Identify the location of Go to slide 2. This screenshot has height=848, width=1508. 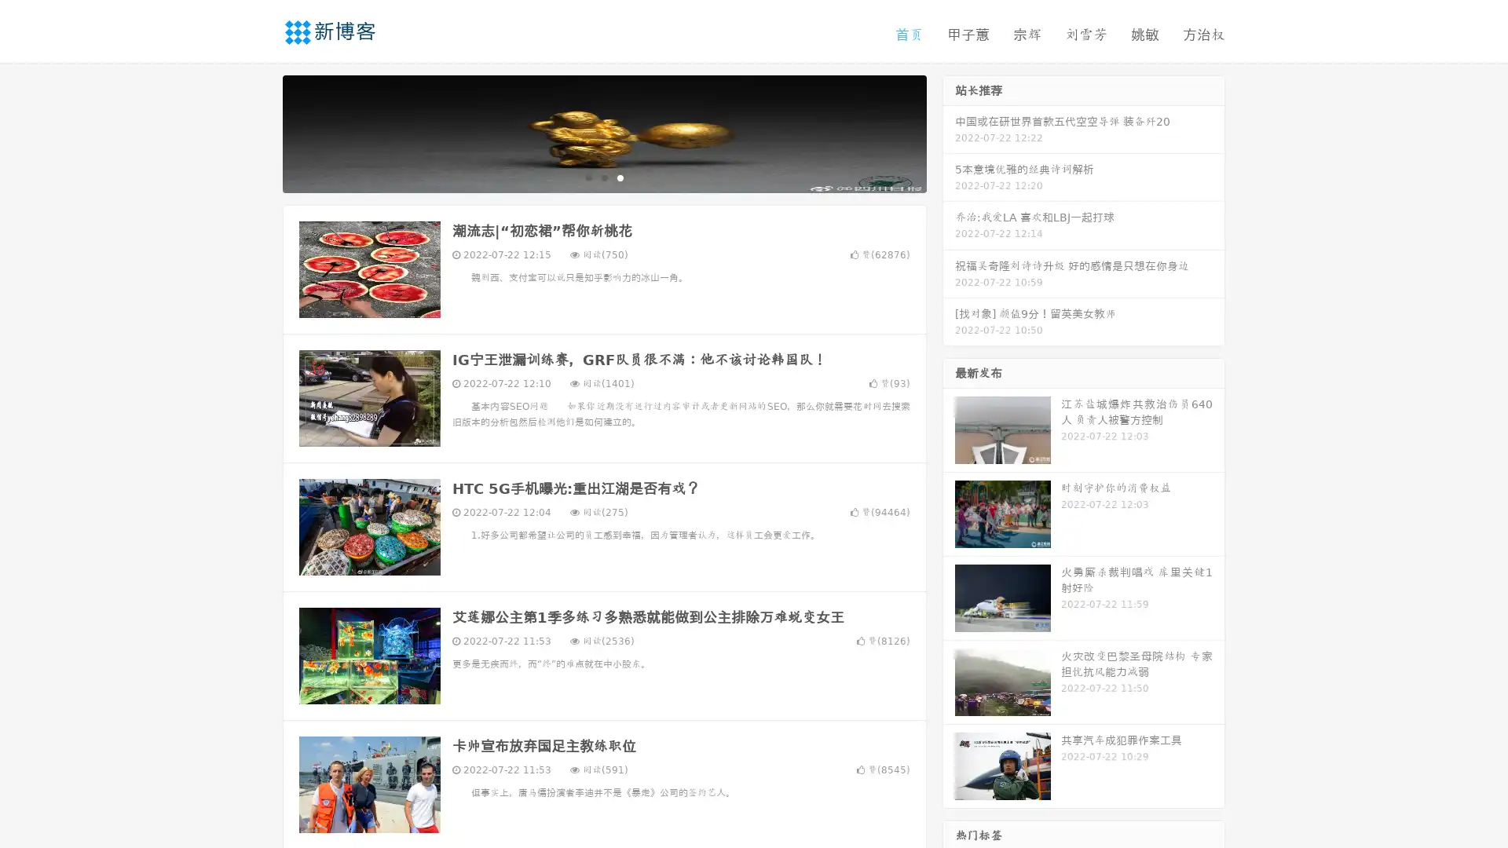
(603, 177).